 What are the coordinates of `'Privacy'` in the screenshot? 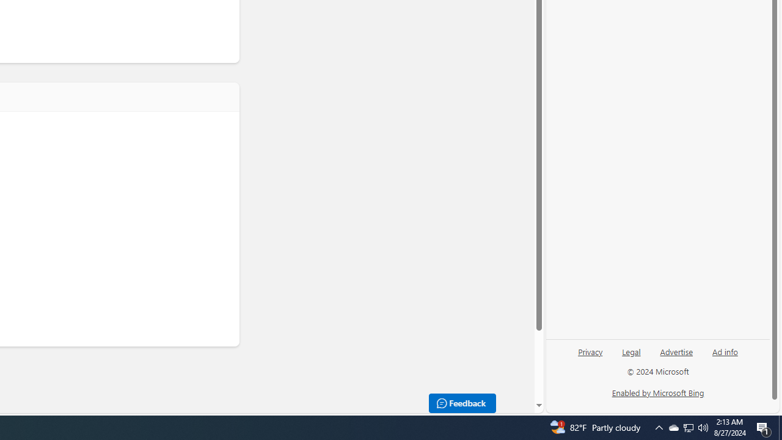 It's located at (590, 351).